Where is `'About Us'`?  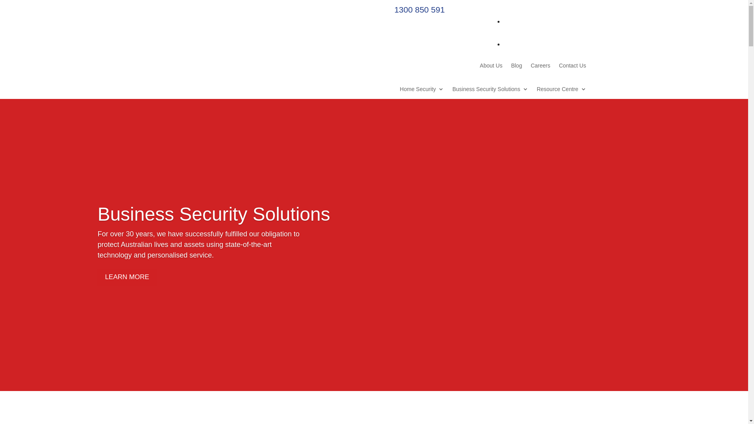 'About Us' is located at coordinates (491, 66).